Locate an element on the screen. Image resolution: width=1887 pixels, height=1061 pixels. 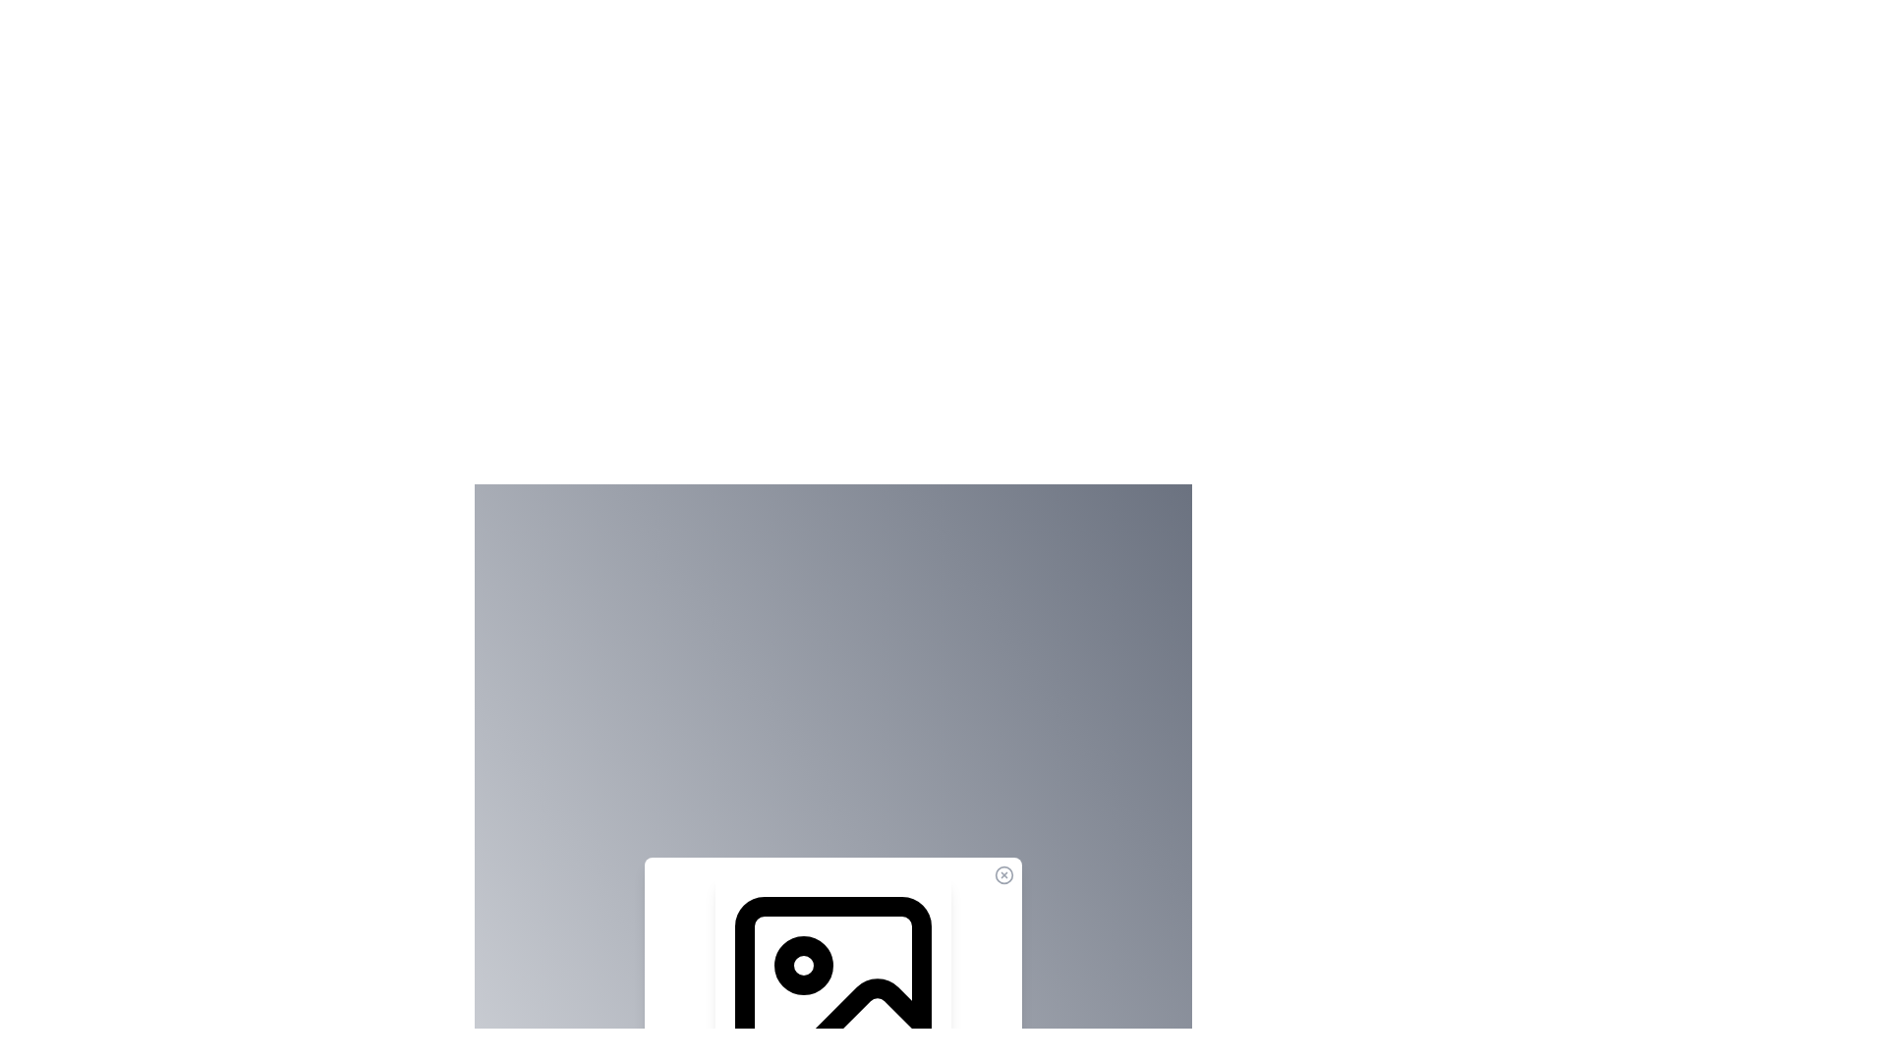
the decorative circle element located at the upper center of the SVG layout is located at coordinates (803, 965).